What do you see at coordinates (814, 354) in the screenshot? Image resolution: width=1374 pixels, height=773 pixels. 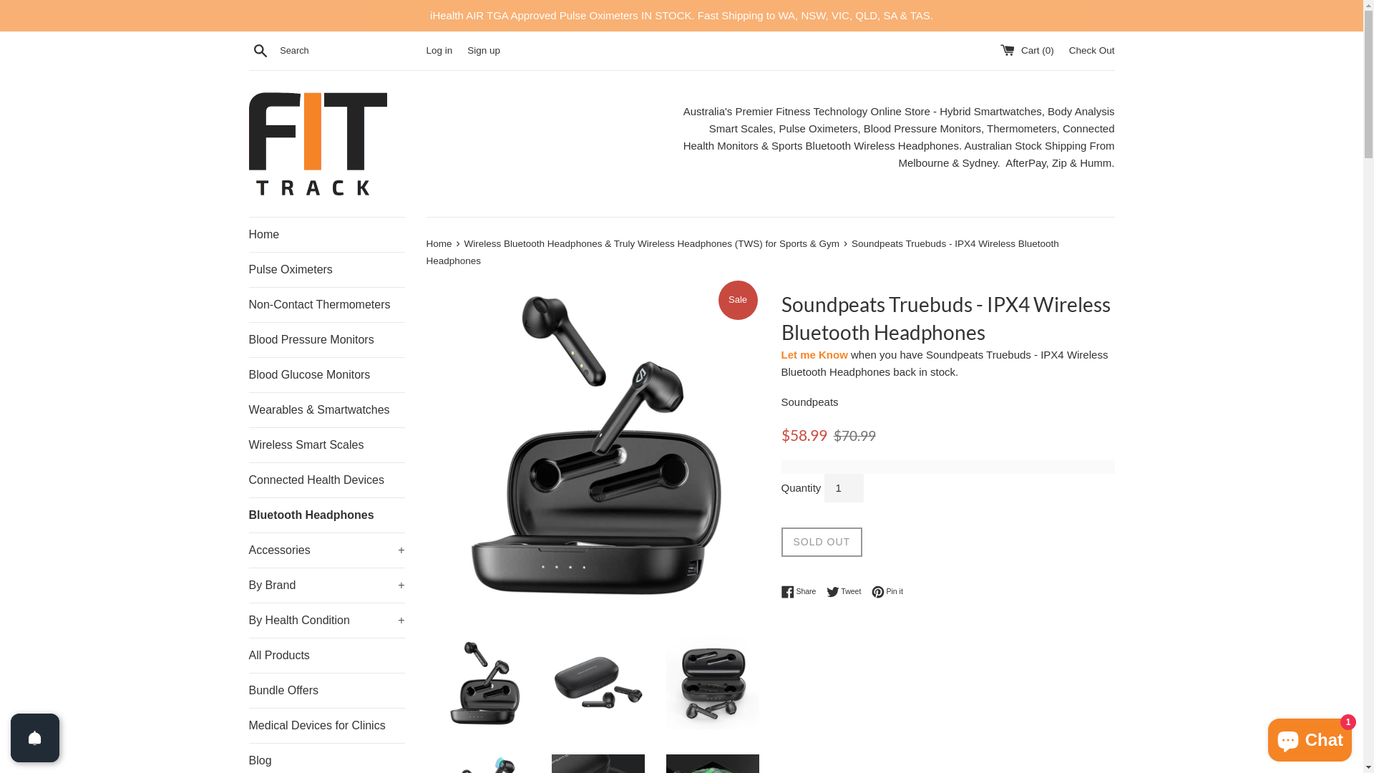 I see `'Let me Know'` at bounding box center [814, 354].